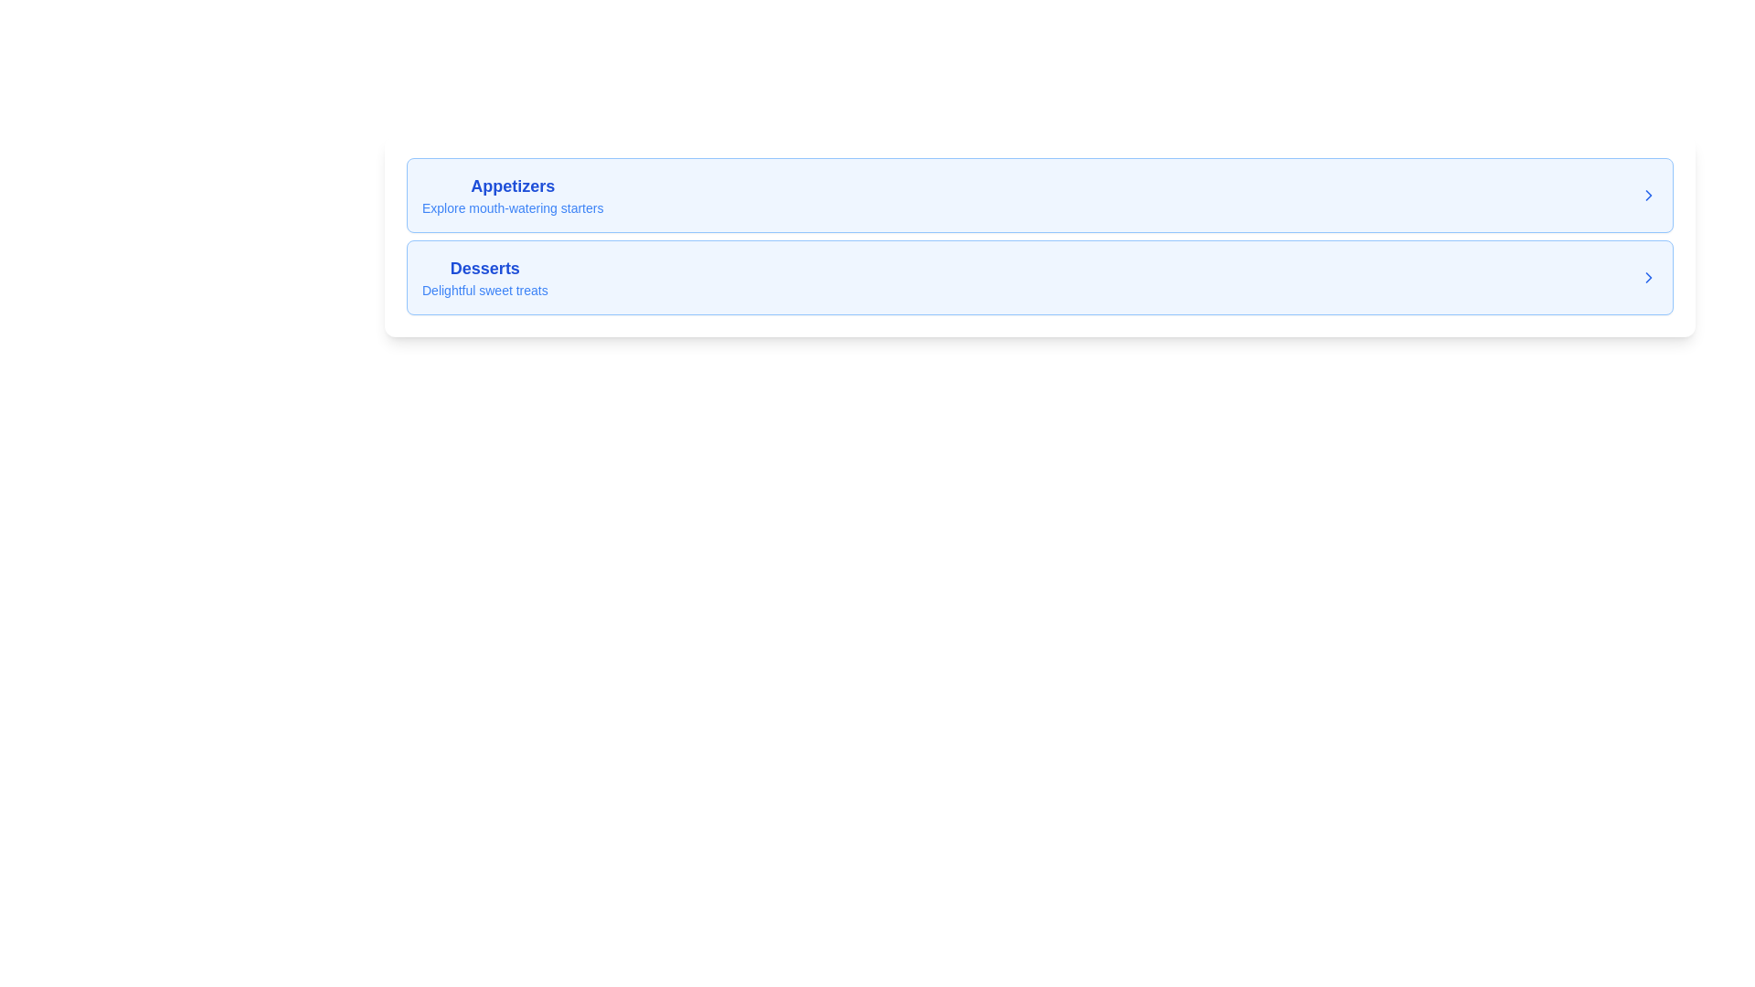  What do you see at coordinates (512, 195) in the screenshot?
I see `the category header for appetizers, which is the first menu entry in a vertical list, situated above the 'Desserts' item` at bounding box center [512, 195].